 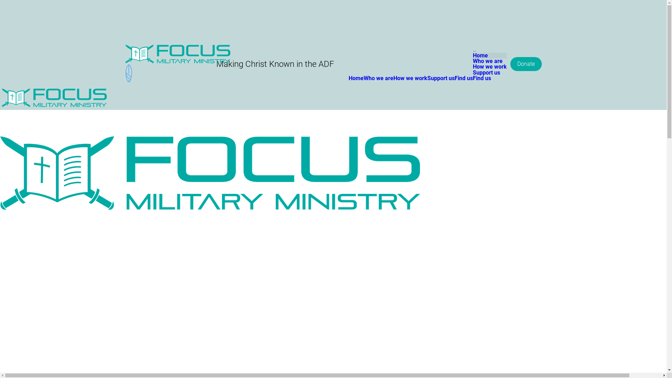 What do you see at coordinates (440, 78) in the screenshot?
I see `'Support us'` at bounding box center [440, 78].